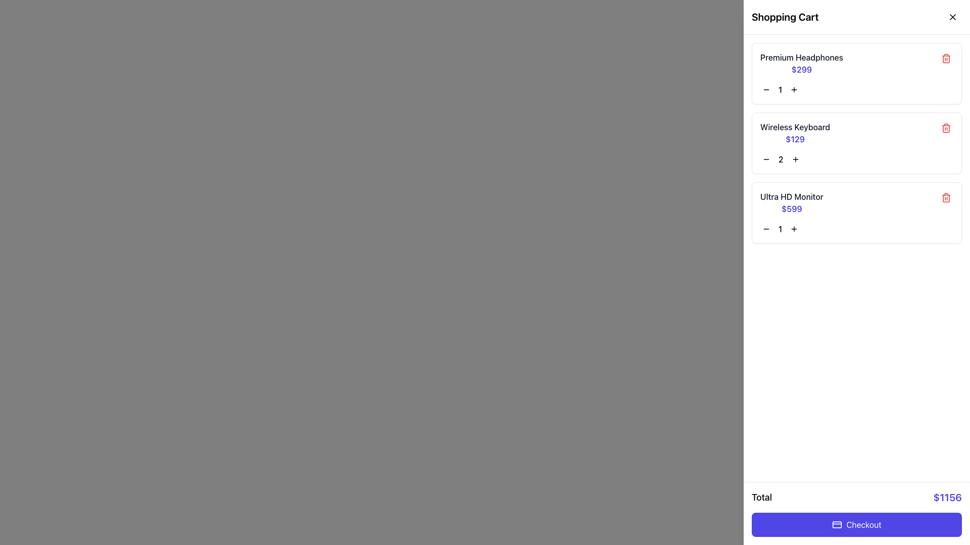 The height and width of the screenshot is (545, 970). What do you see at coordinates (795, 126) in the screenshot?
I see `the text label for the product 'Wireless Keyboard' located in the shopping cart section, positioned above the price '$129' and below 'Premium Headphones'` at bounding box center [795, 126].